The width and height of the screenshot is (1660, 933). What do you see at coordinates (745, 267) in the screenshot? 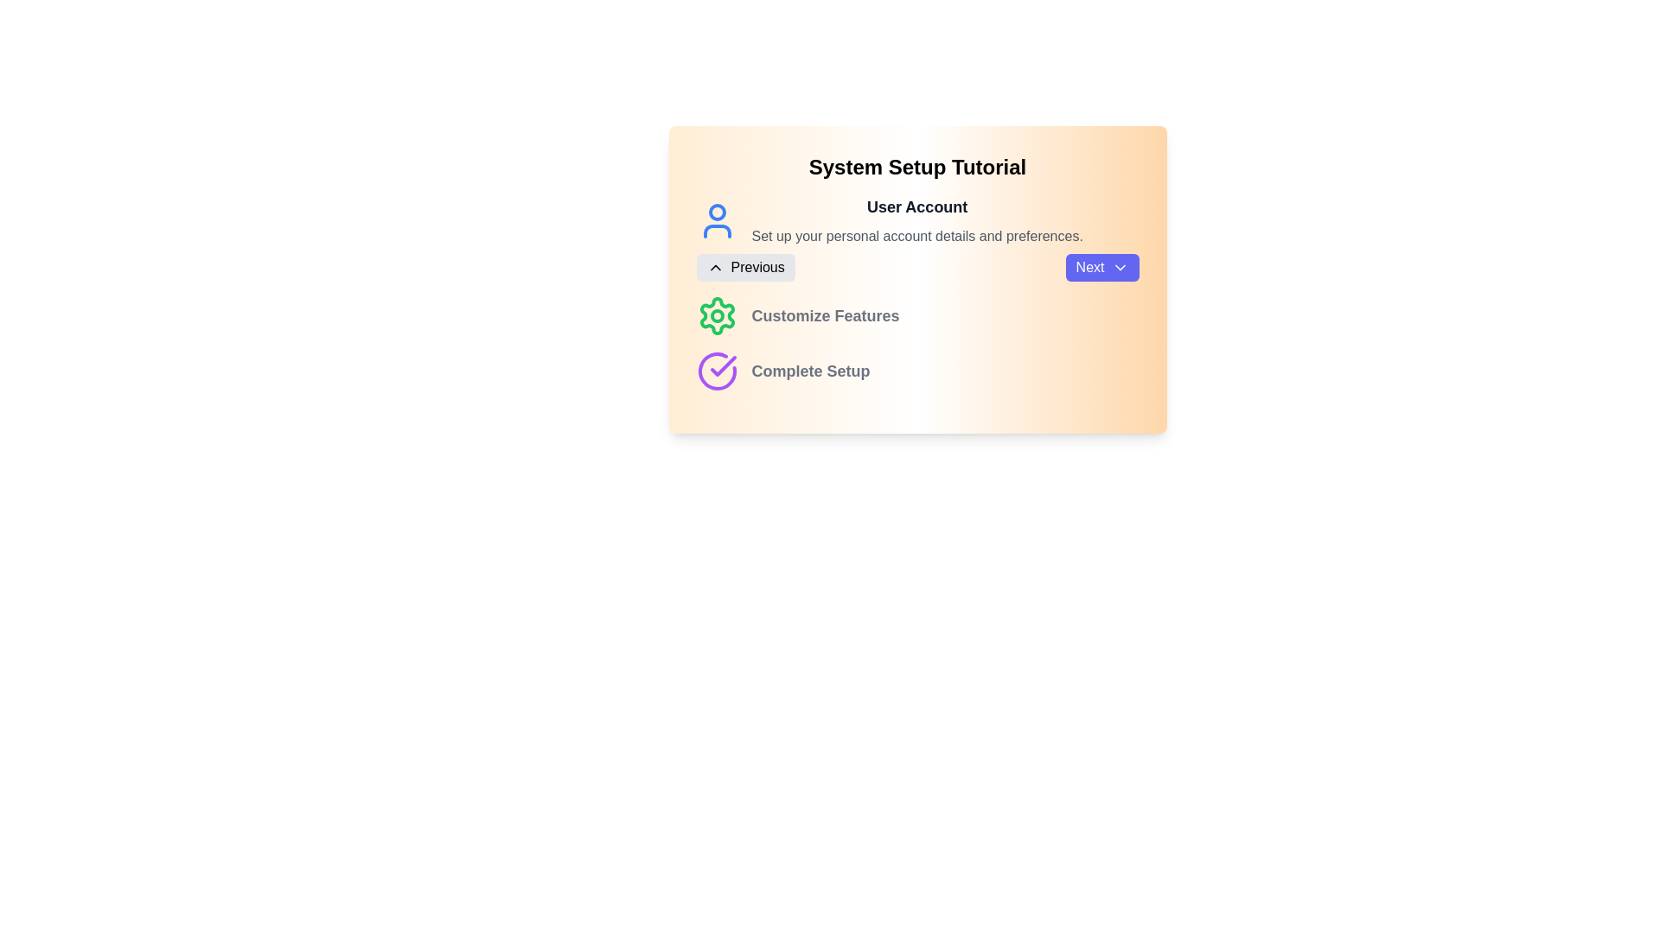
I see `the button labeled Previous` at bounding box center [745, 267].